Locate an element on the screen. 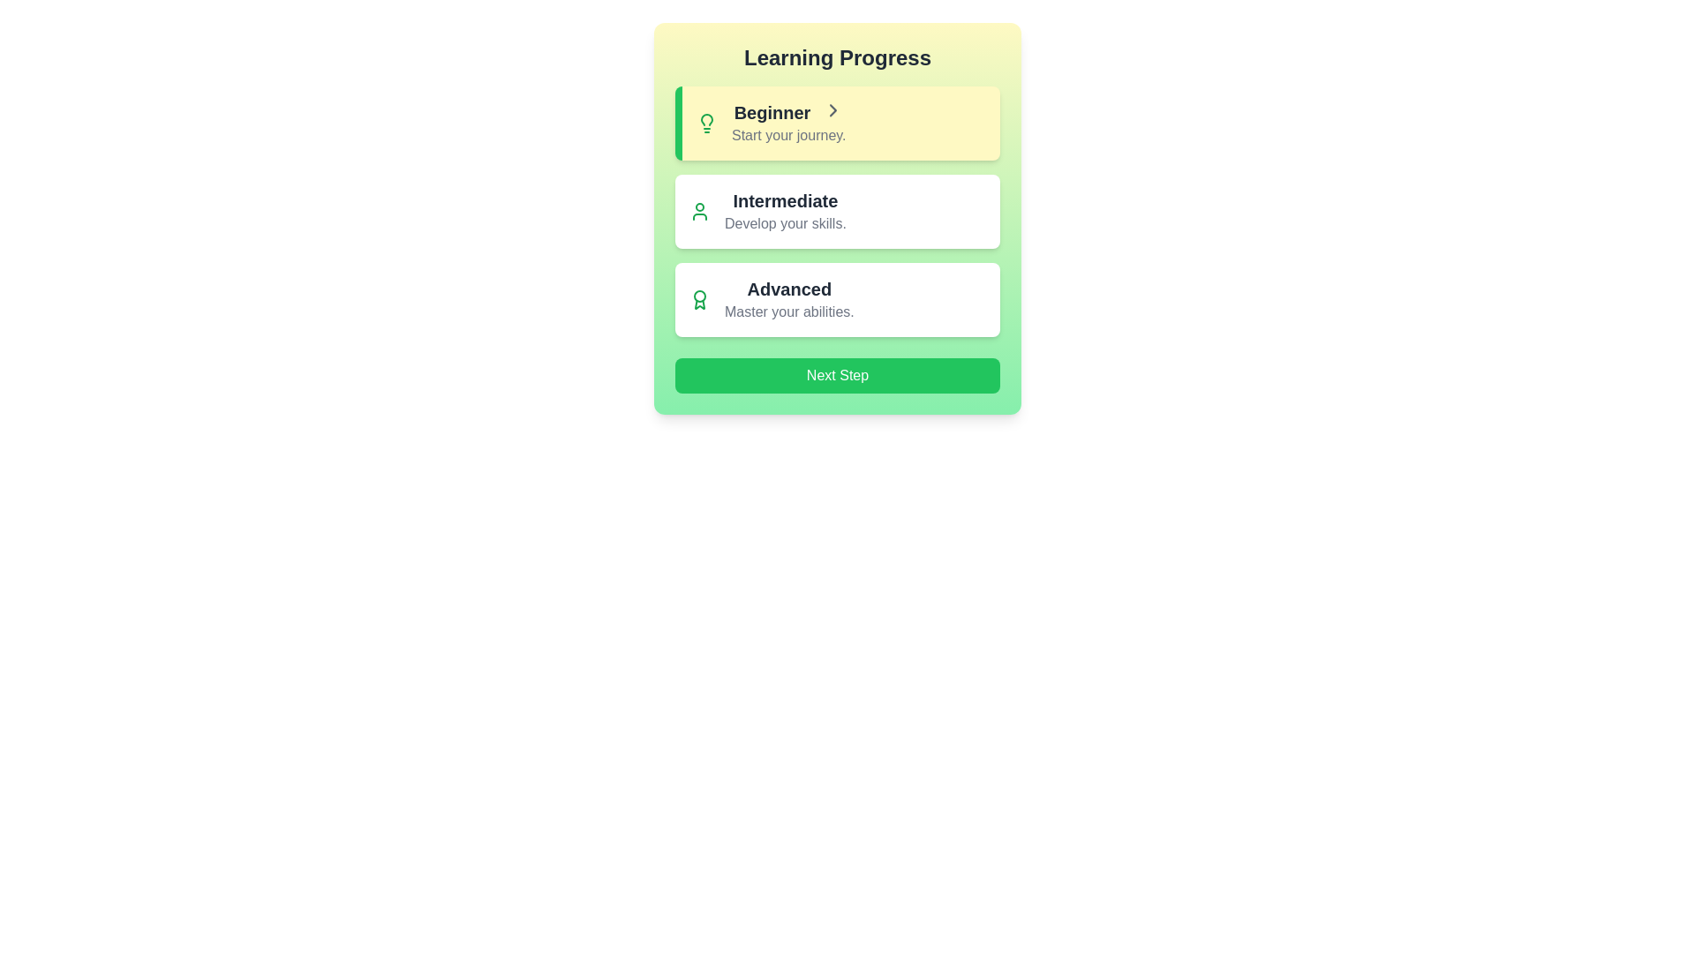  the text label displaying 'Beginner' at the top of the learning progress levels section, which has a pale yellow background is located at coordinates (787, 112).